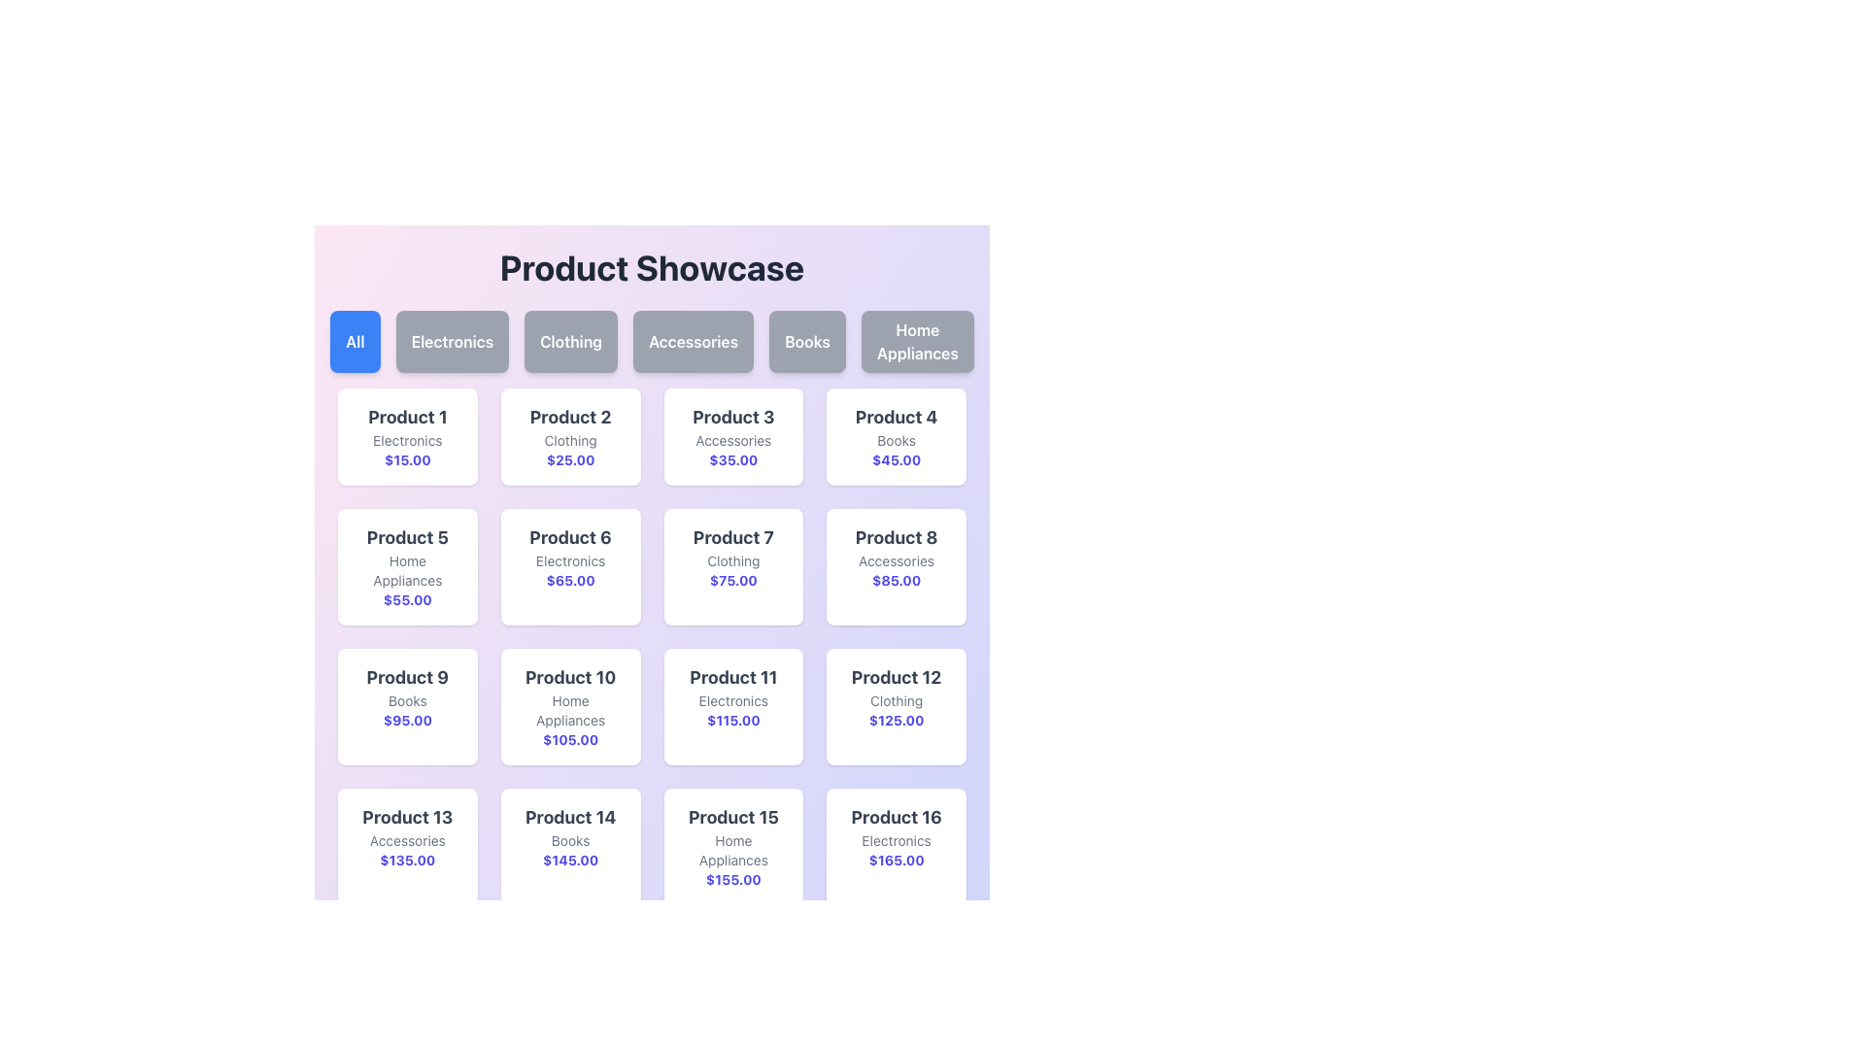 The width and height of the screenshot is (1865, 1049). What do you see at coordinates (896, 566) in the screenshot?
I see `text displayed on the product card, which is the eighth element in the grid layout located in the second row and fourth column` at bounding box center [896, 566].